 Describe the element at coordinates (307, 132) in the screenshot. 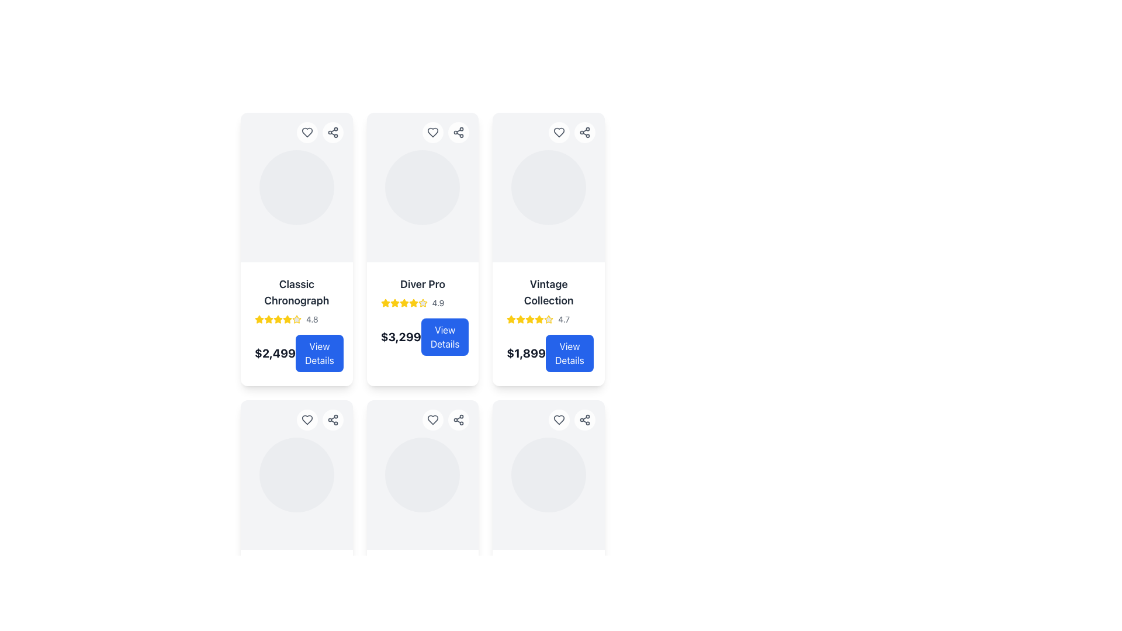

I see `the rounded button with a heart-shaped icon in the top-right corner of the 'Classic Chronograph' product card to change the icon color to red` at that location.